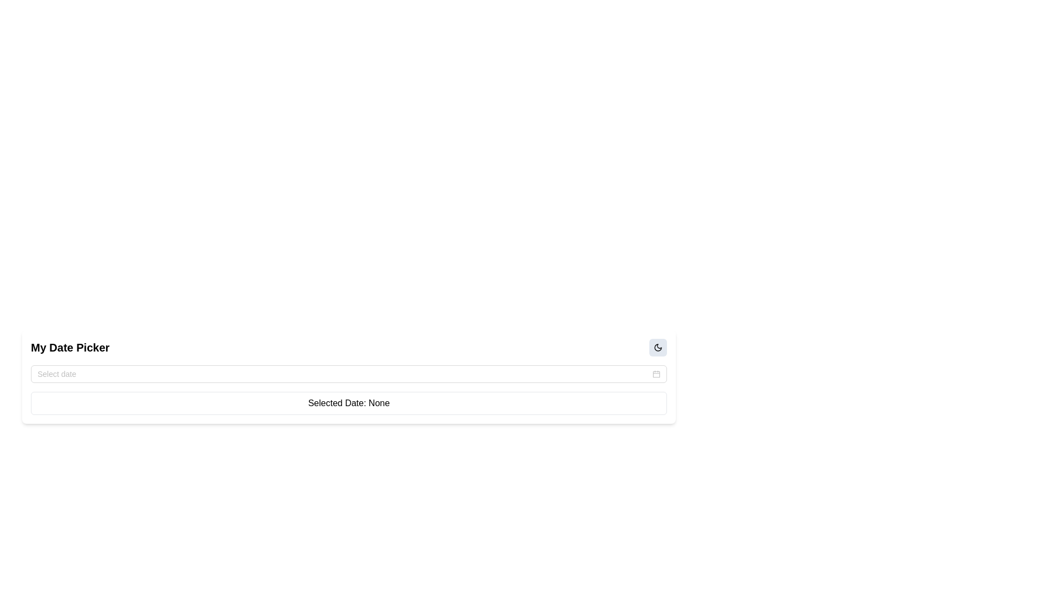 The height and width of the screenshot is (596, 1061). What do you see at coordinates (348, 403) in the screenshot?
I see `the text label that displays the currently selected date or indicates 'None' in the 'My Date Picker' panel` at bounding box center [348, 403].